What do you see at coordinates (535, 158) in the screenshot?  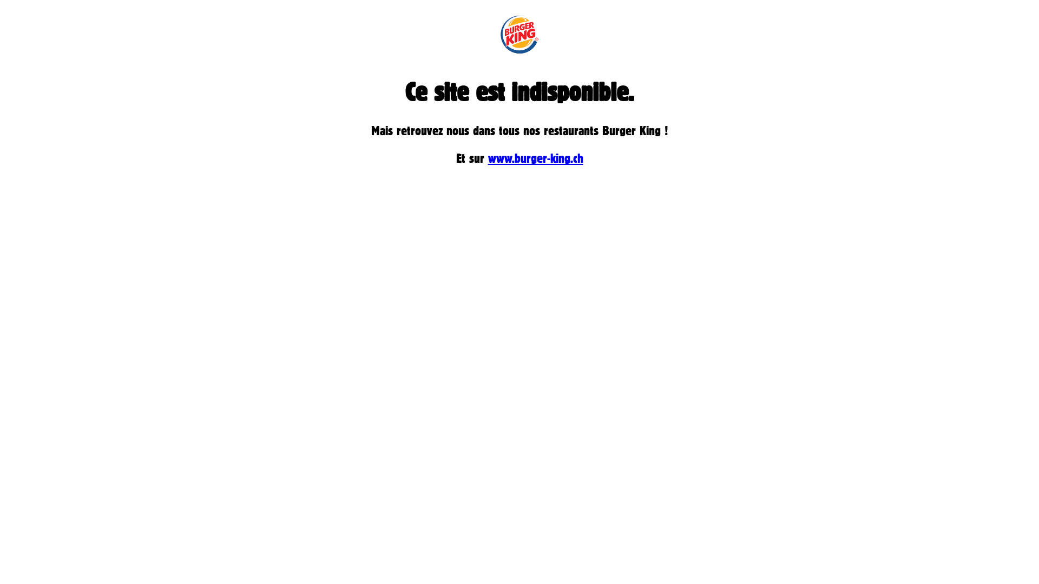 I see `'www.burger-king.ch'` at bounding box center [535, 158].